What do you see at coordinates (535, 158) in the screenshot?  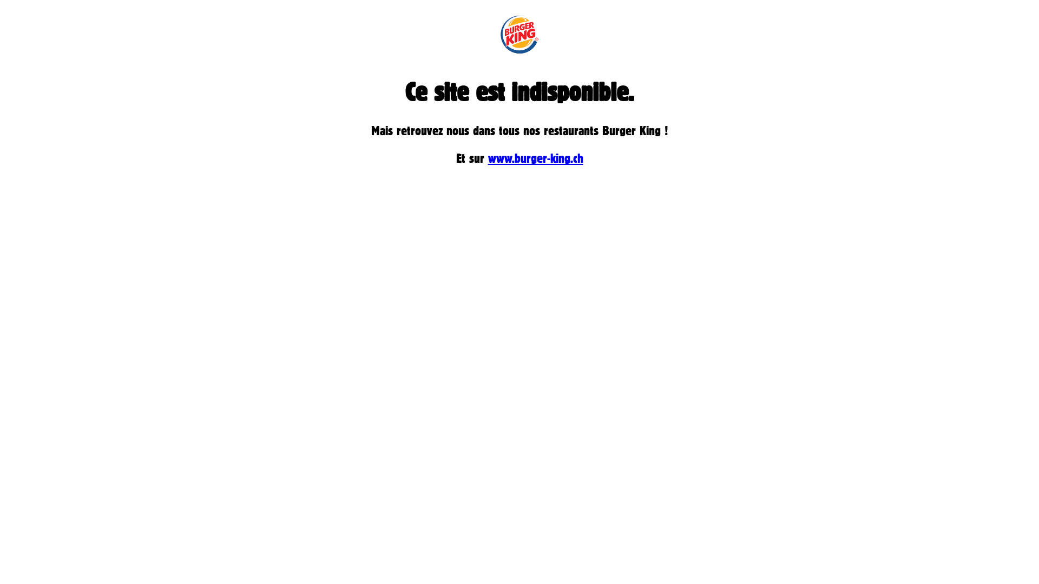 I see `'www.burger-king.ch'` at bounding box center [535, 158].